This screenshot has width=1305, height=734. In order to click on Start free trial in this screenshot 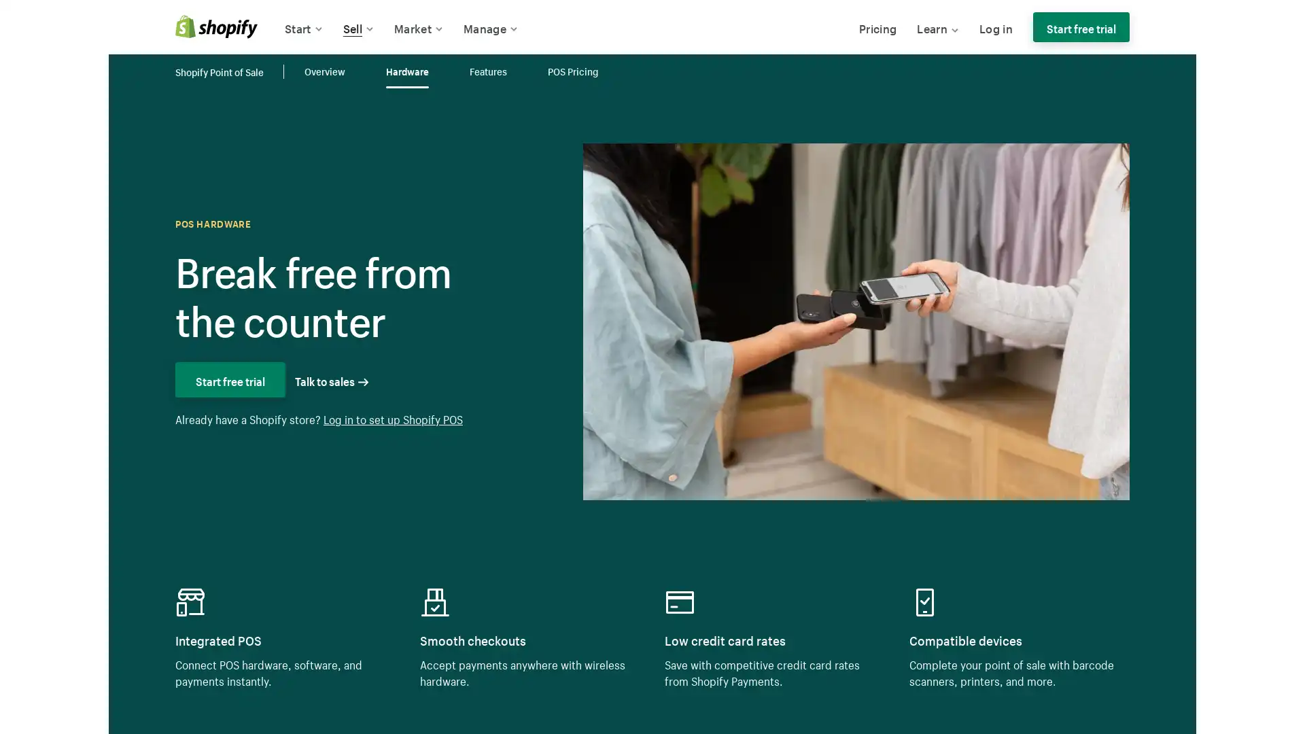, I will do `click(1080, 27)`.